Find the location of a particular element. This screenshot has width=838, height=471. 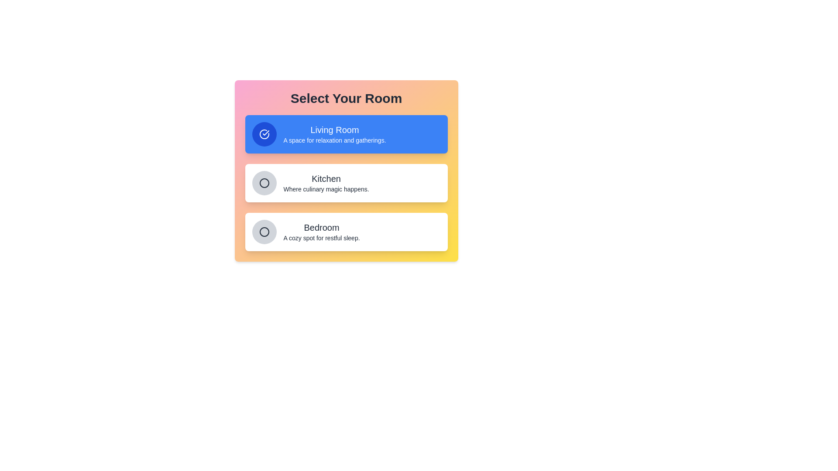

the Text Label that serves as a title indicating the context of the associated description text and selection options, positioned between 'Living Room' and 'Bedroom' is located at coordinates (326, 178).